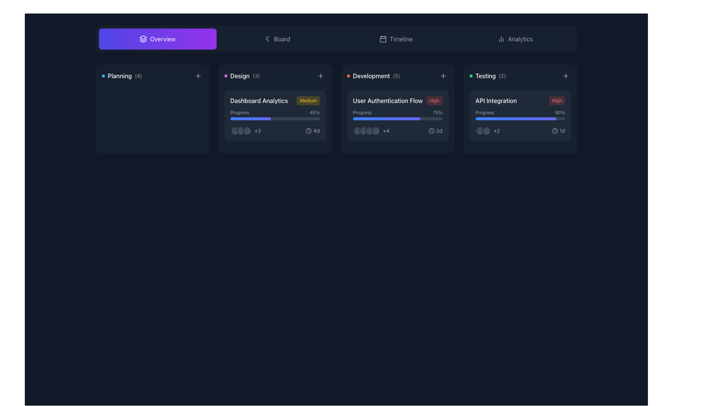 This screenshot has height=406, width=722. Describe the element at coordinates (397, 116) in the screenshot. I see `the 'User Authentication Flow' task card, which has a high priority and is located in the Development section` at that location.